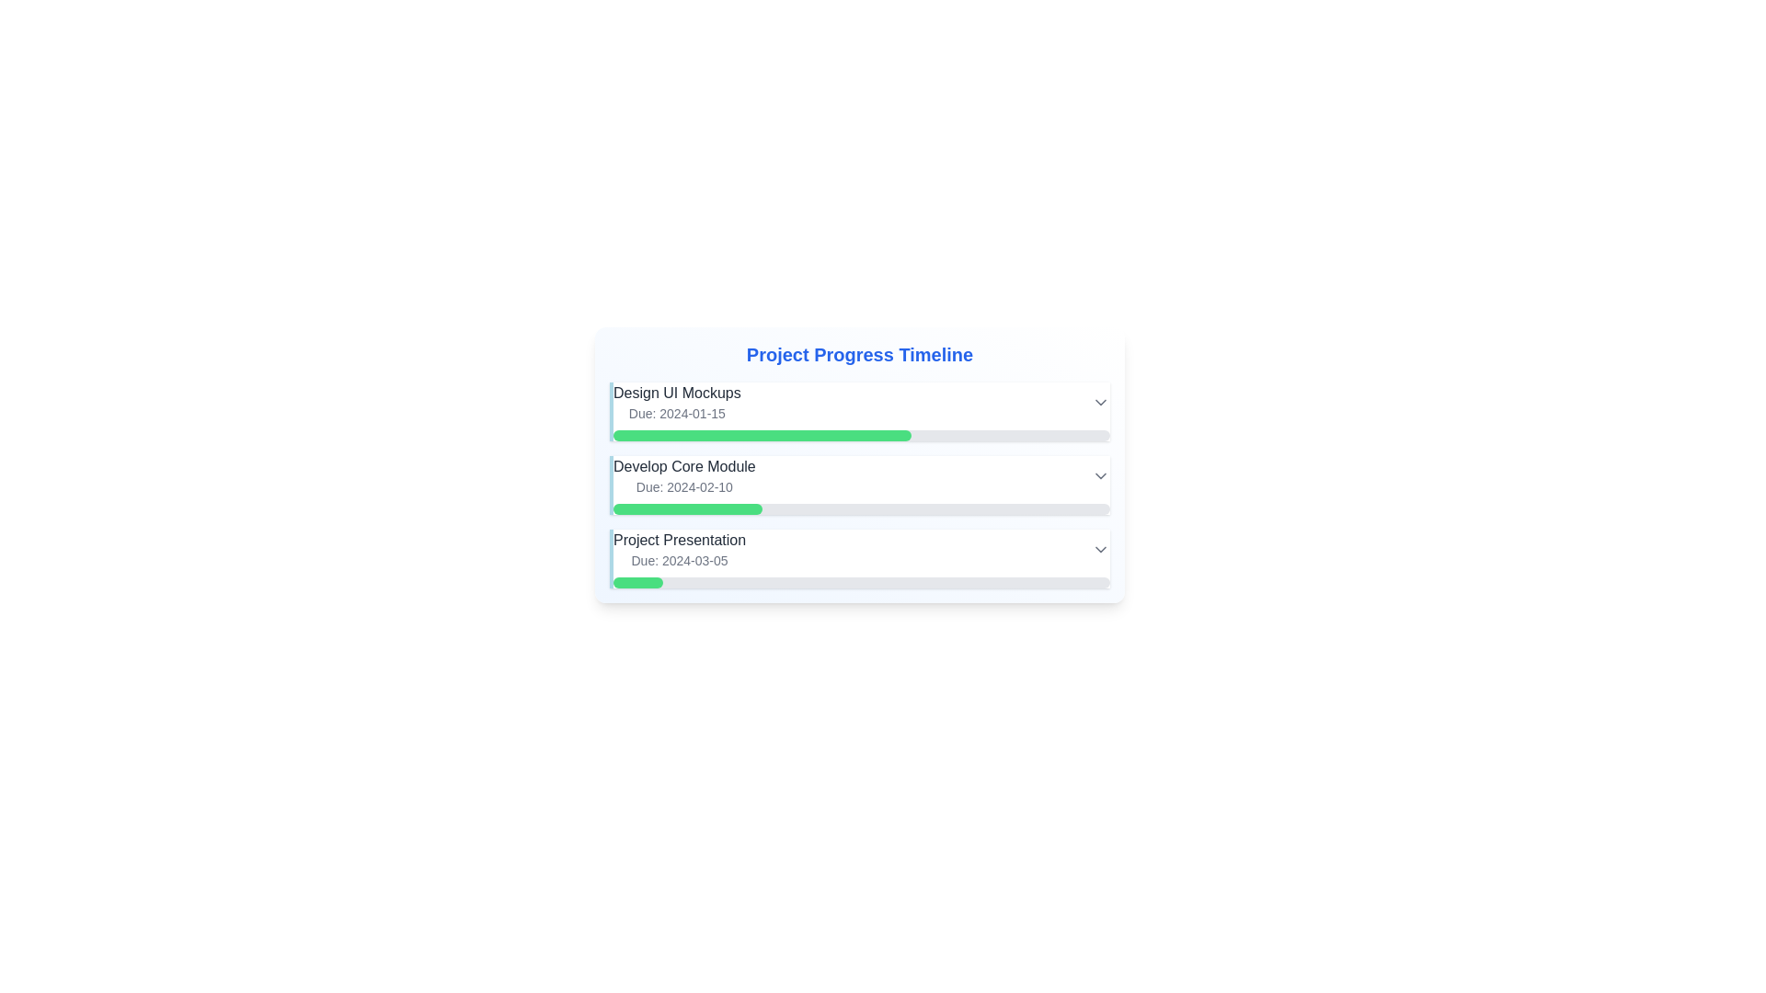 The height and width of the screenshot is (993, 1766). Describe the element at coordinates (1100, 548) in the screenshot. I see `the downward-pointing gray arrow icon located in the 'Project Presentation' section` at that location.